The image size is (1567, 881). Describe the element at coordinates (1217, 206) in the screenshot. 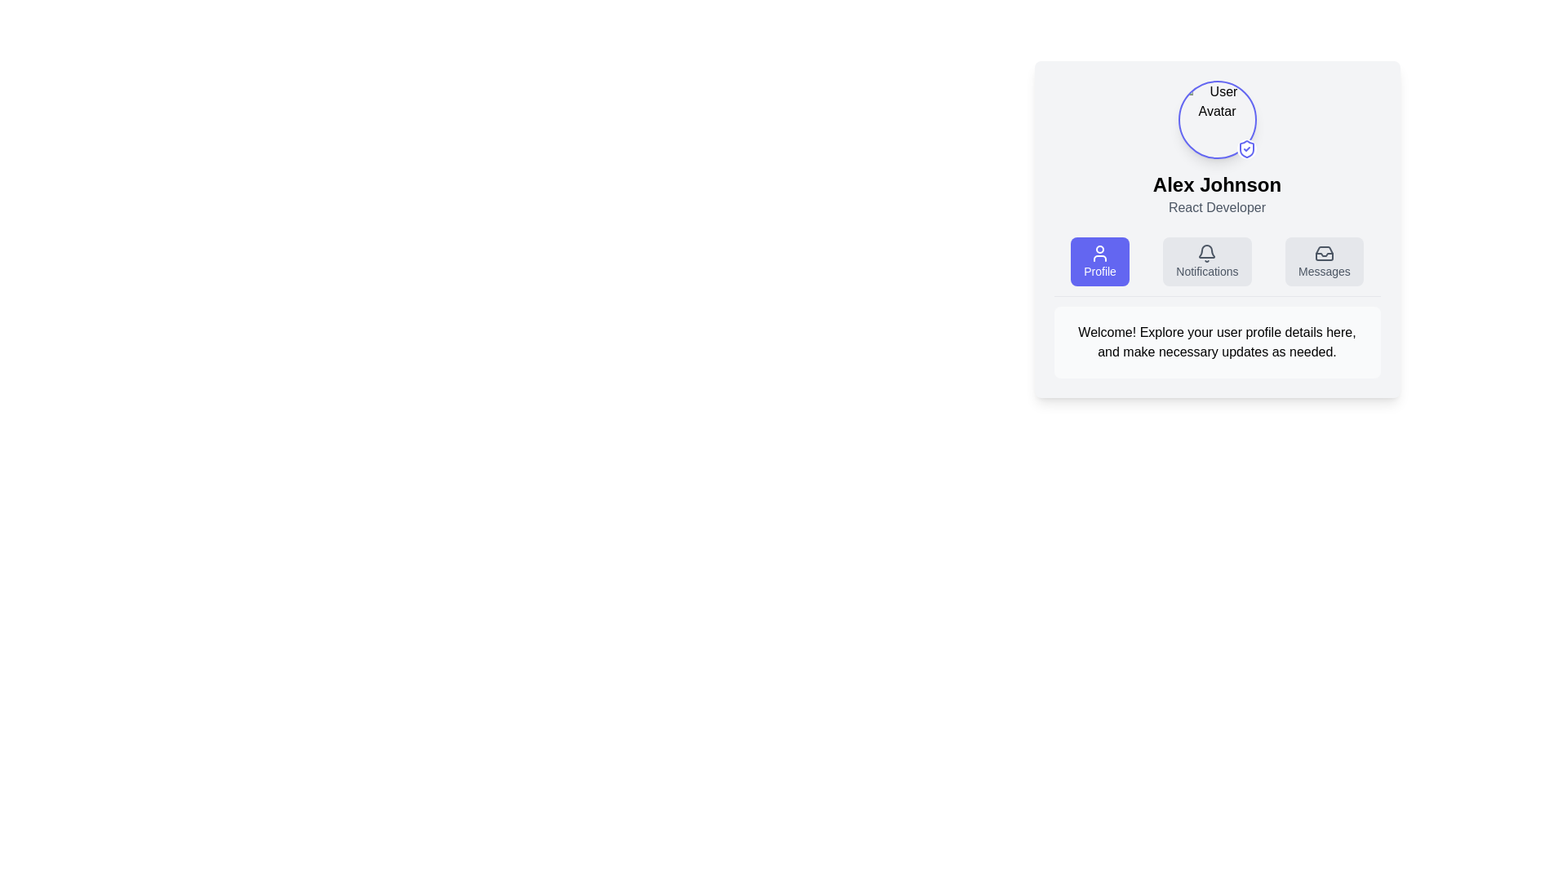

I see `the text label that identifies the user as a 'React Developer', located directly below the heading 'Alex Johnson' in the user profile card` at that location.